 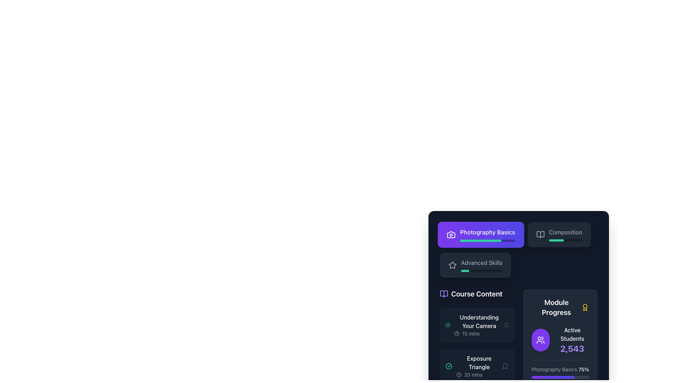 What do you see at coordinates (505, 366) in the screenshot?
I see `the stylized bookmark icon within the 'Module Progress' section, located adjacent to the numerical text '2,543'` at bounding box center [505, 366].